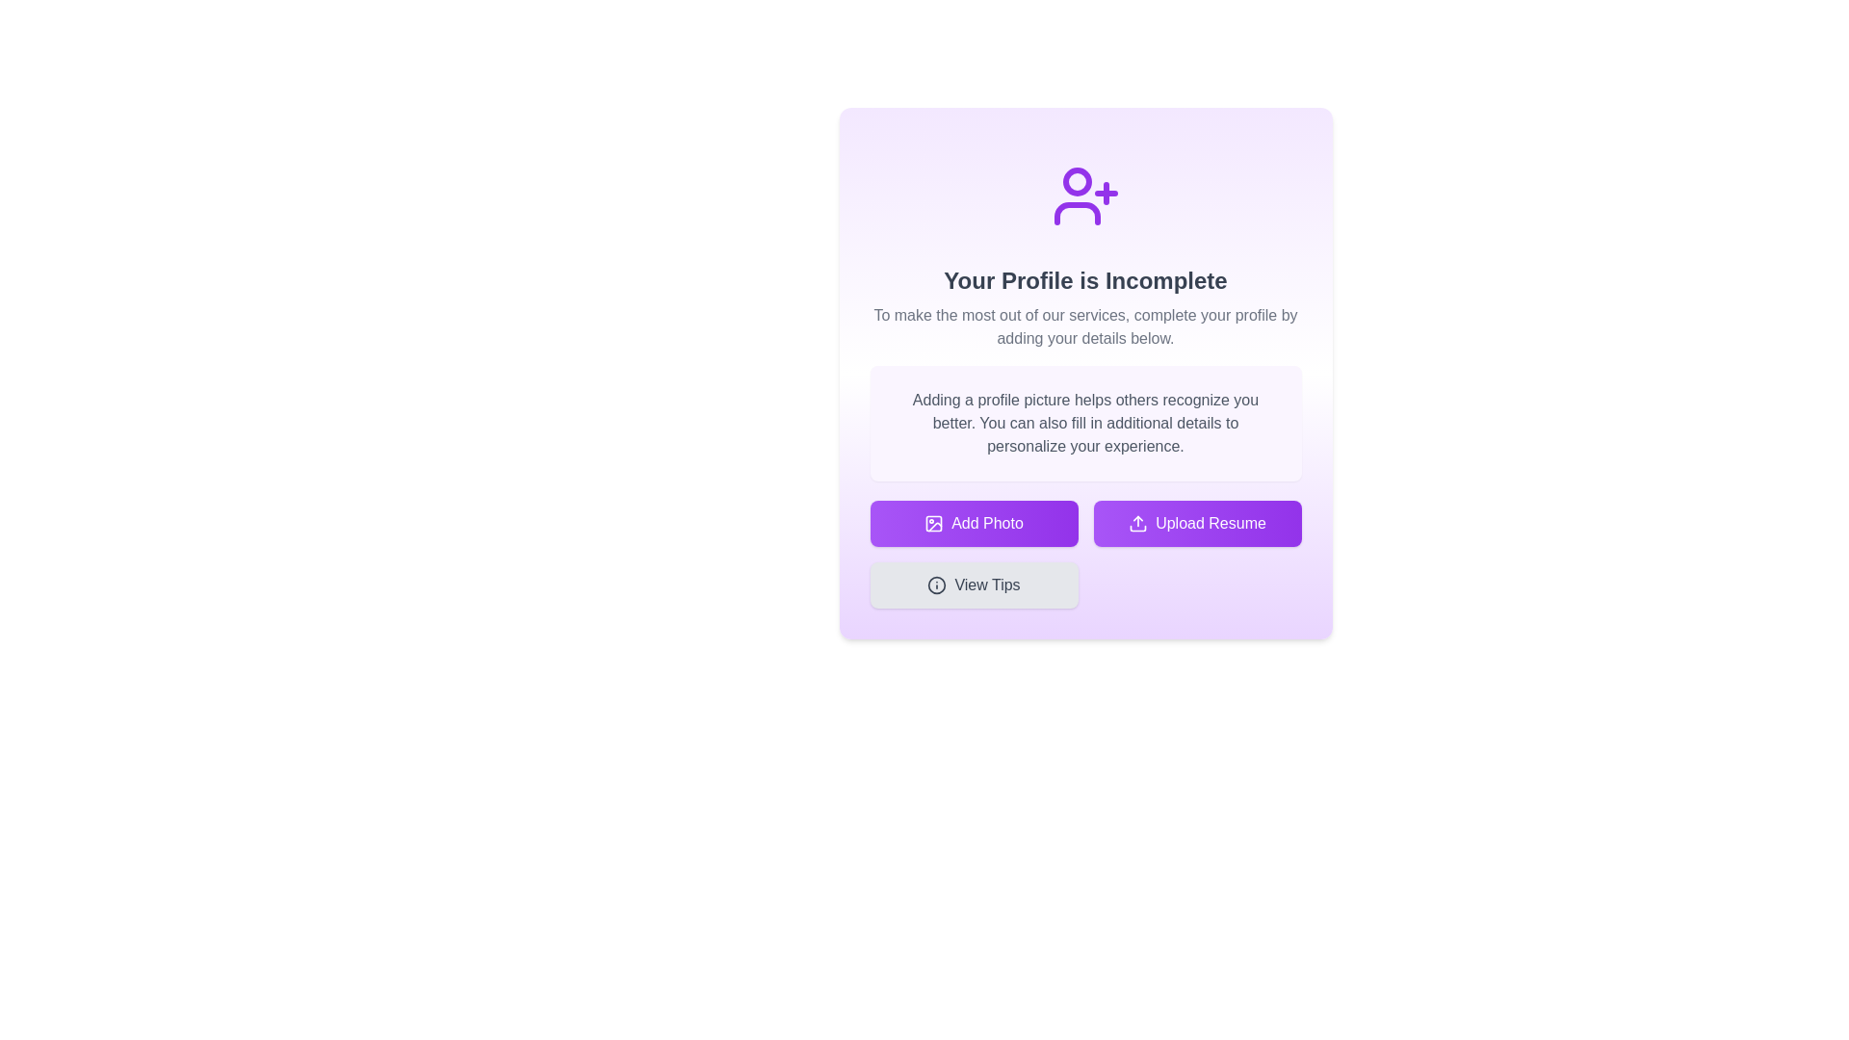  Describe the element at coordinates (1196, 523) in the screenshot. I see `the 'Upload Resume' button, which is styled with a gradient background from purple to darker purple and has a white upload icon and the text 'Upload Resume'` at that location.